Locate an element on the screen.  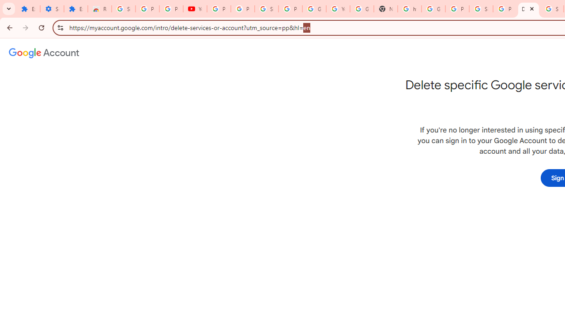
'YouTube' is located at coordinates (194, 9).